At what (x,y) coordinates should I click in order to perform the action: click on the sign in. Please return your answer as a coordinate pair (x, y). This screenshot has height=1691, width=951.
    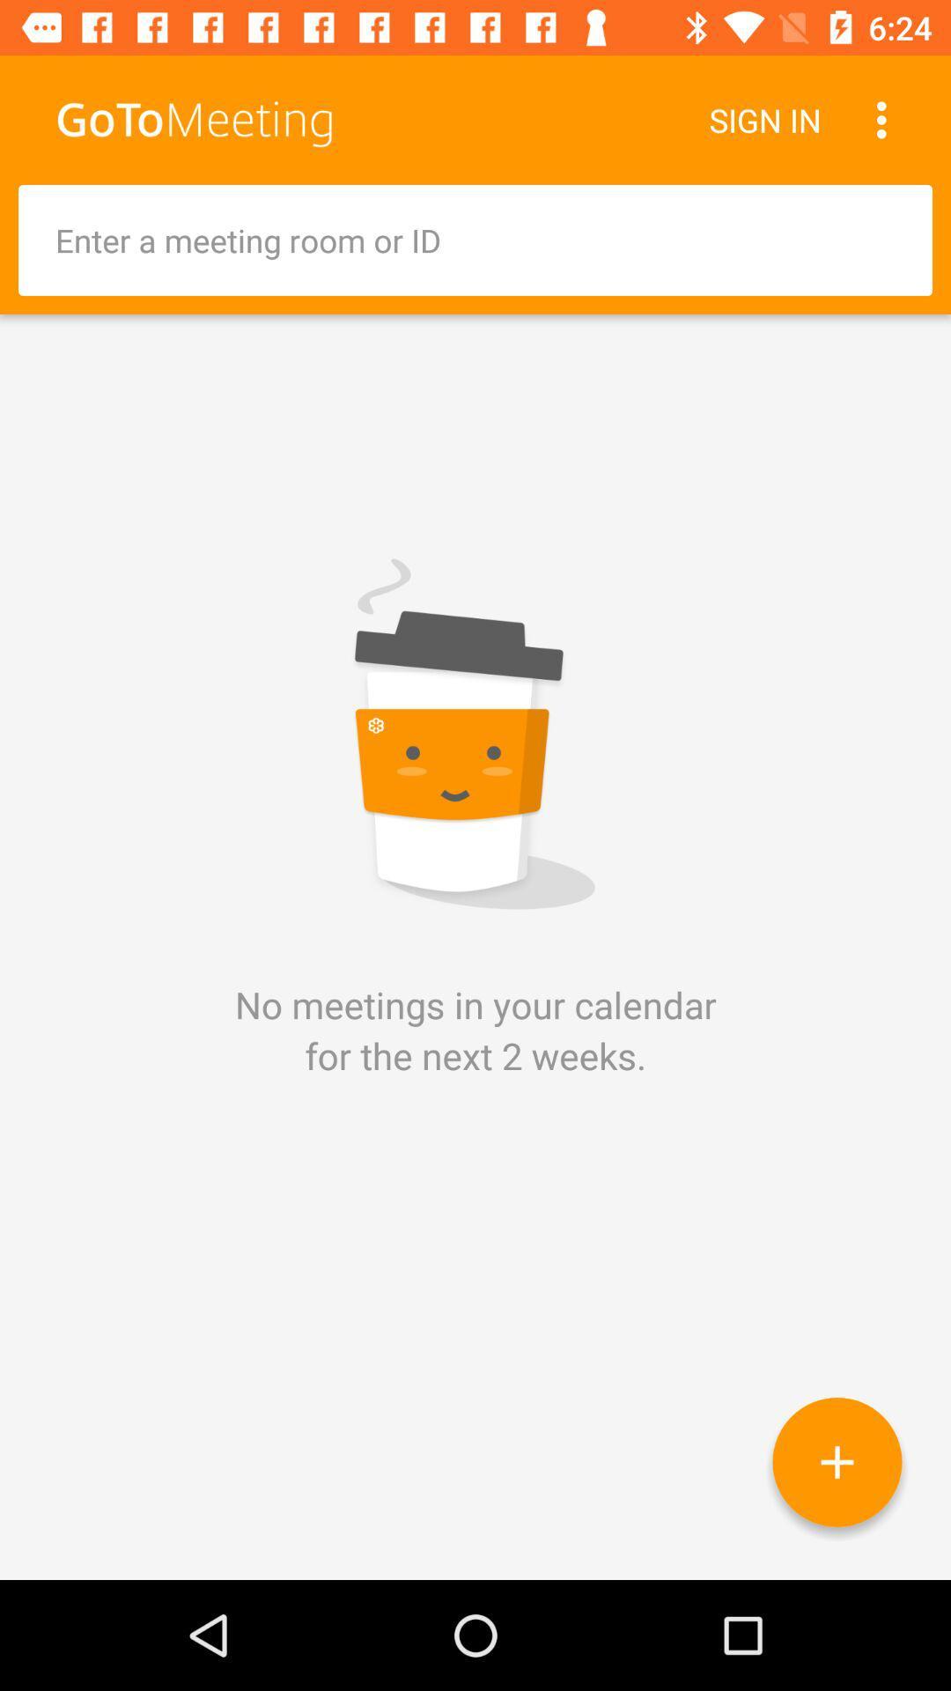
    Looking at the image, I should click on (764, 119).